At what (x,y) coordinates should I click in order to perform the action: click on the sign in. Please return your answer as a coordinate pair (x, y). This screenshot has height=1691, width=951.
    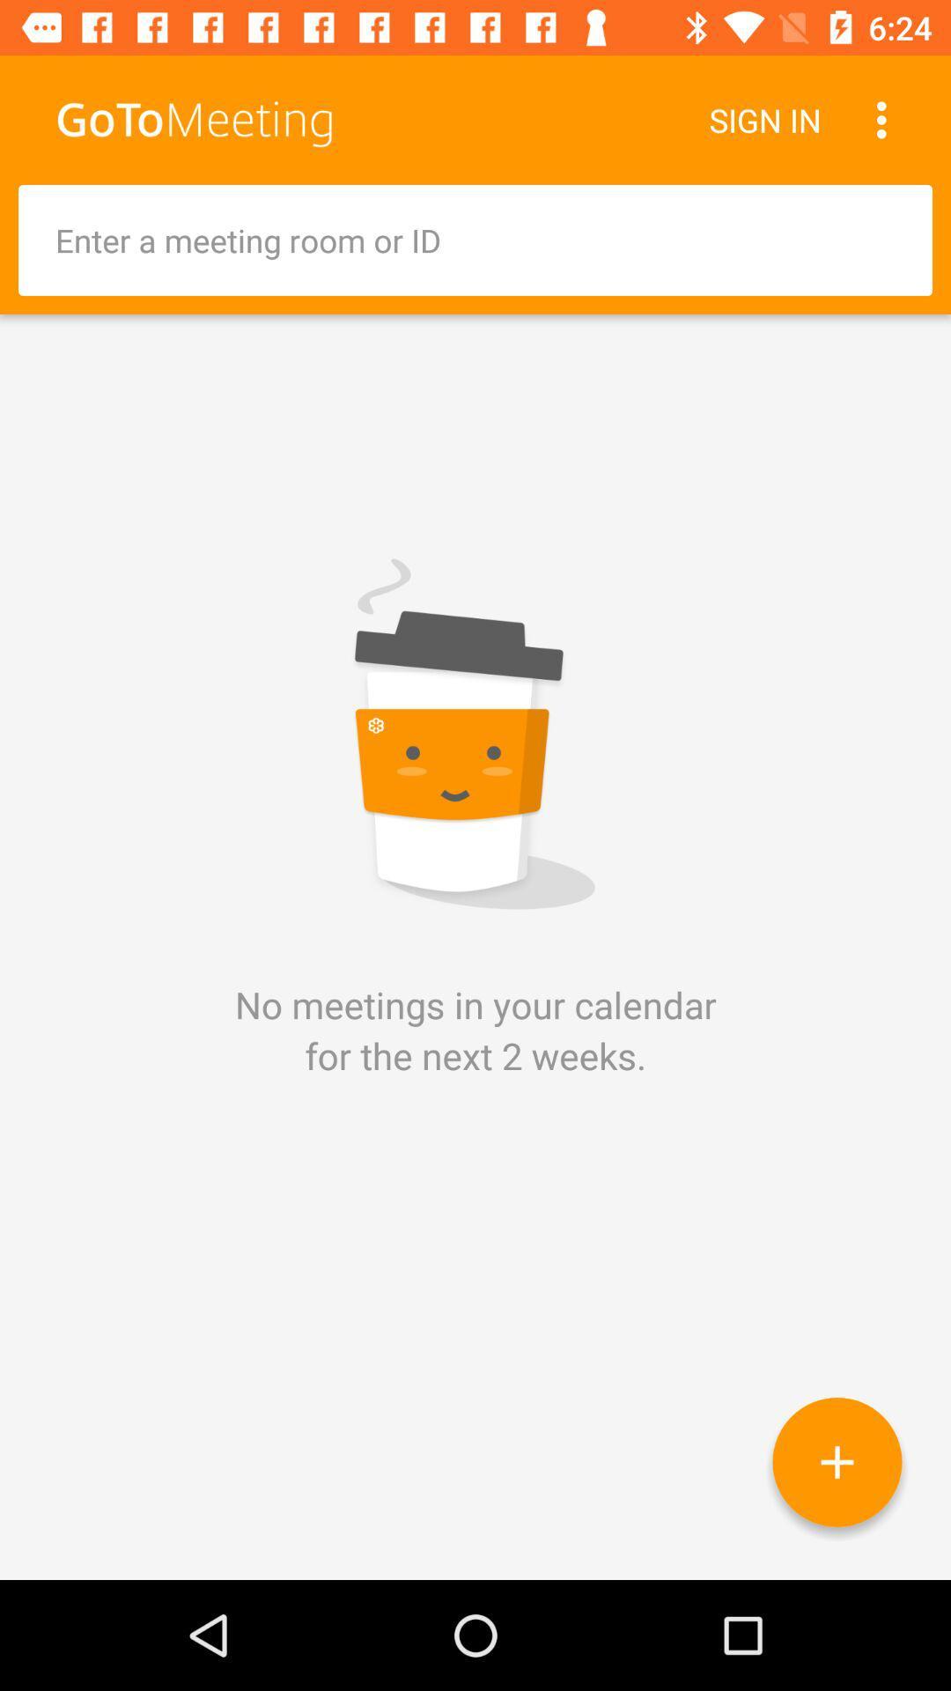
    Looking at the image, I should click on (764, 119).